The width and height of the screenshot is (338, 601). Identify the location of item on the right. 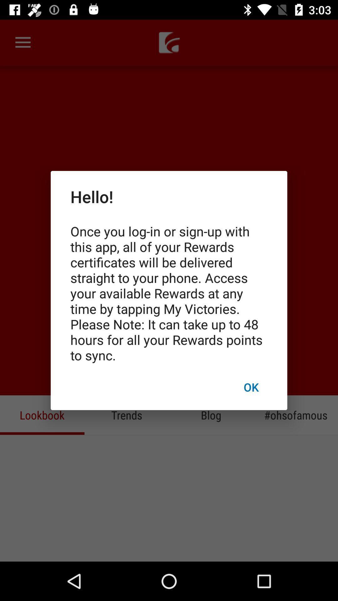
(251, 387).